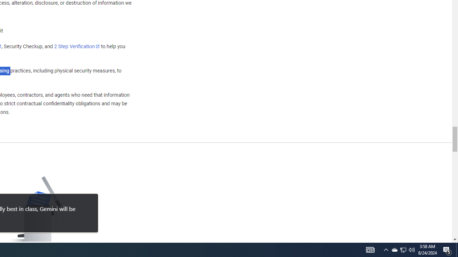 Image resolution: width=458 pixels, height=257 pixels. What do you see at coordinates (77, 46) in the screenshot?
I see `'2 Step Verification'` at bounding box center [77, 46].